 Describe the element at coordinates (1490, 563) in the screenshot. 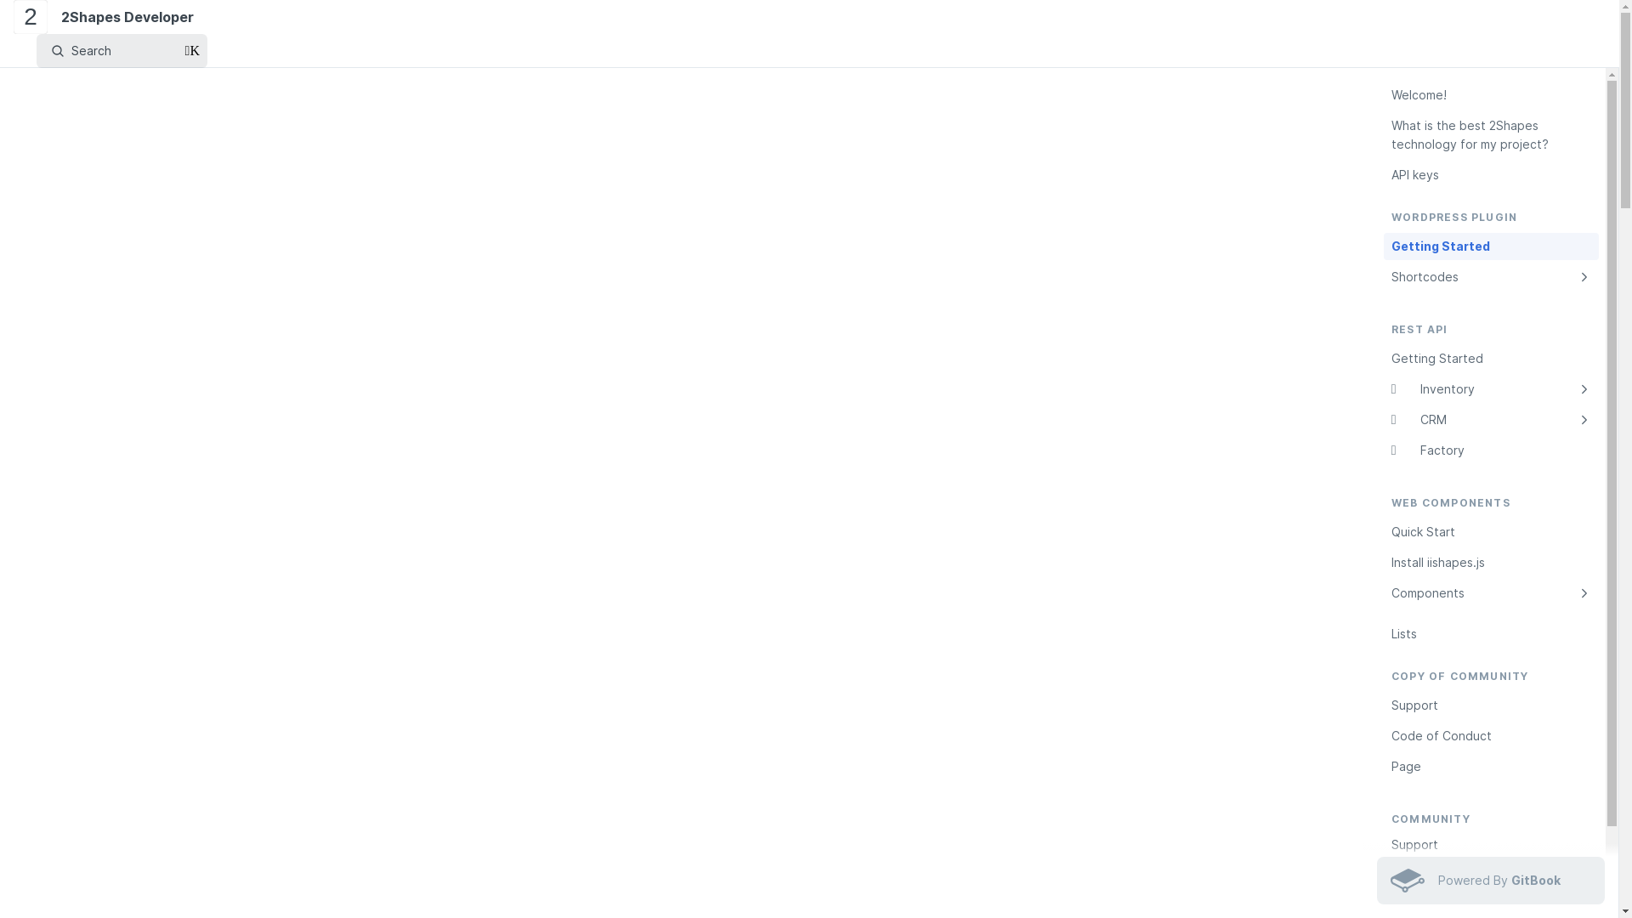

I see `'Install iishapes.js'` at that location.